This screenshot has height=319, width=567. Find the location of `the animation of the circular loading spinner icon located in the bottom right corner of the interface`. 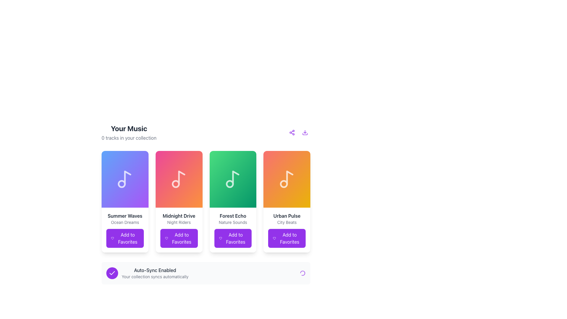

the animation of the circular loading spinner icon located in the bottom right corner of the interface is located at coordinates (303, 273).